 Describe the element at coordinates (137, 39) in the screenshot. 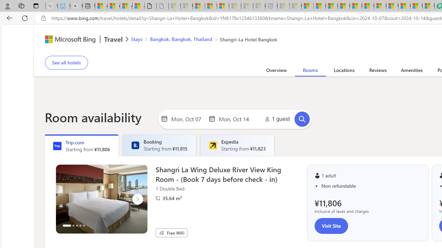

I see `'Stays'` at that location.